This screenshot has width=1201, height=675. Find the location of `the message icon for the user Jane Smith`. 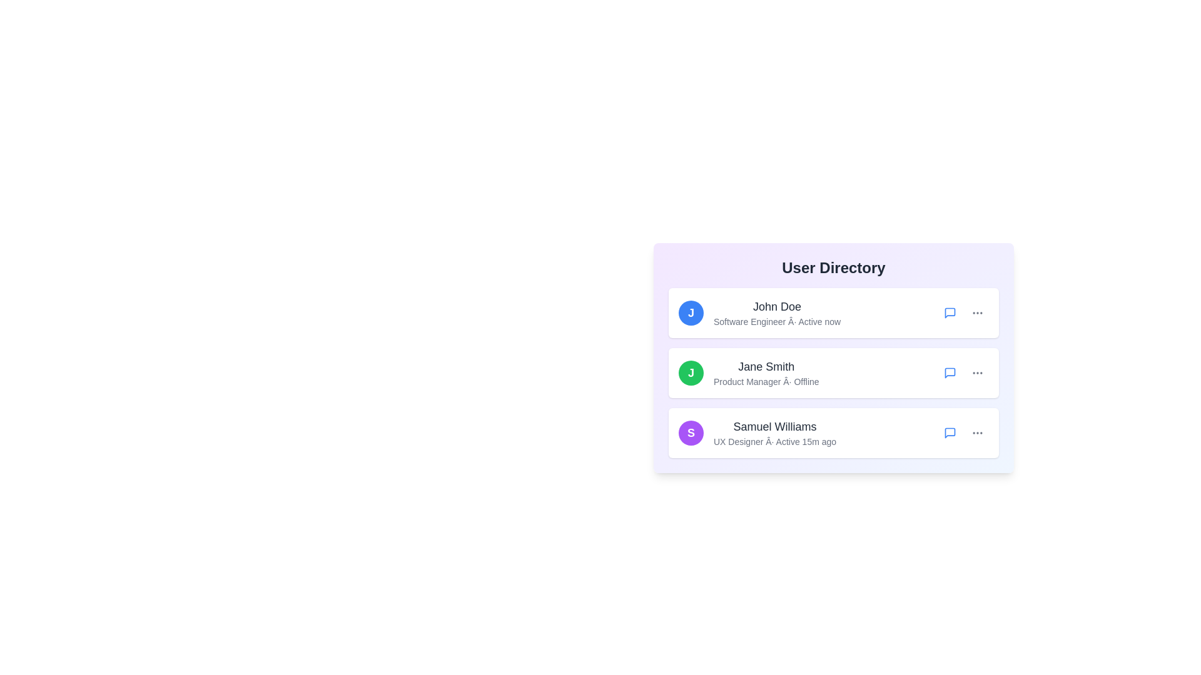

the message icon for the user Jane Smith is located at coordinates (950, 372).